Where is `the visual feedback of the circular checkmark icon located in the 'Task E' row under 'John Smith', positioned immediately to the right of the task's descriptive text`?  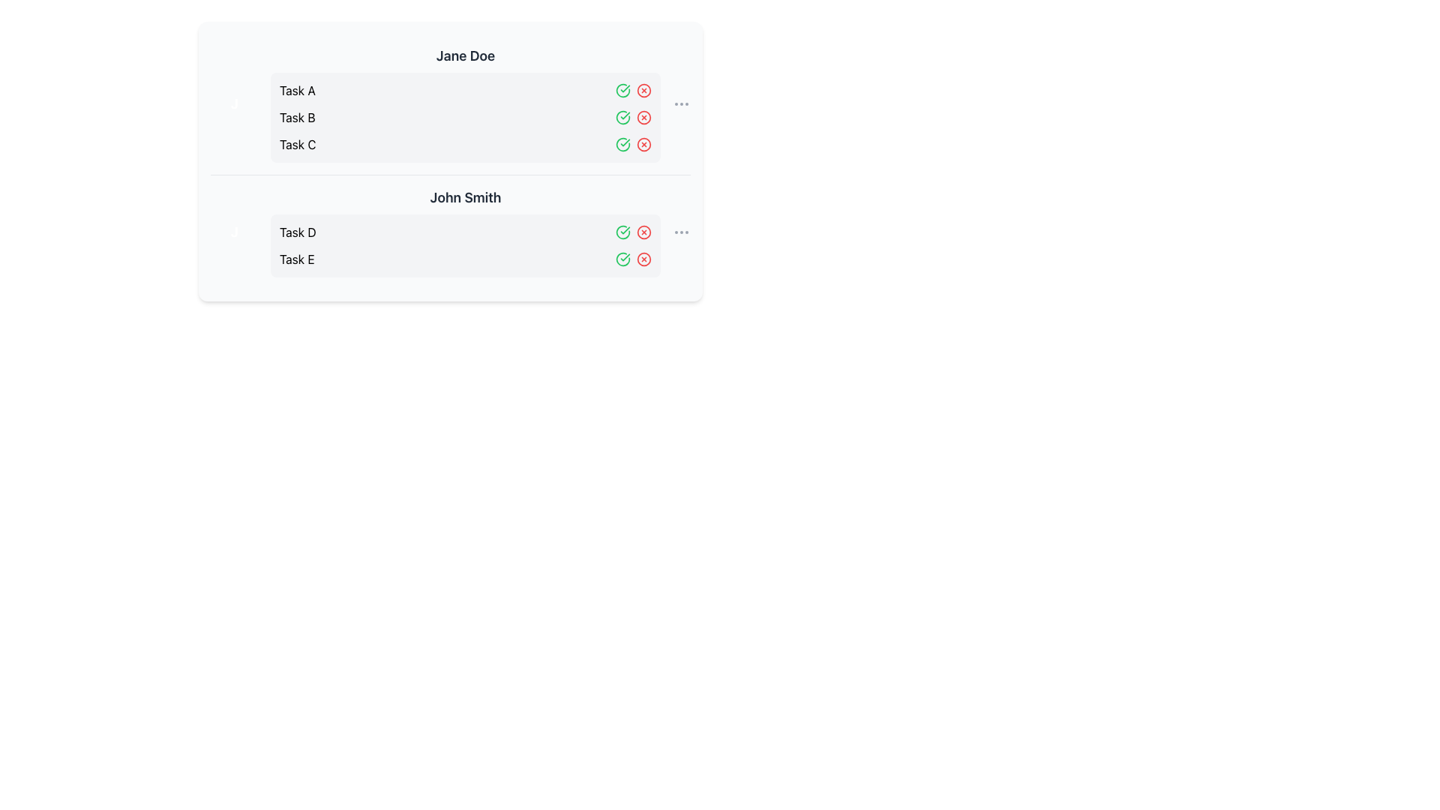 the visual feedback of the circular checkmark icon located in the 'Task E' row under 'John Smith', positioned immediately to the right of the task's descriptive text is located at coordinates (622, 259).